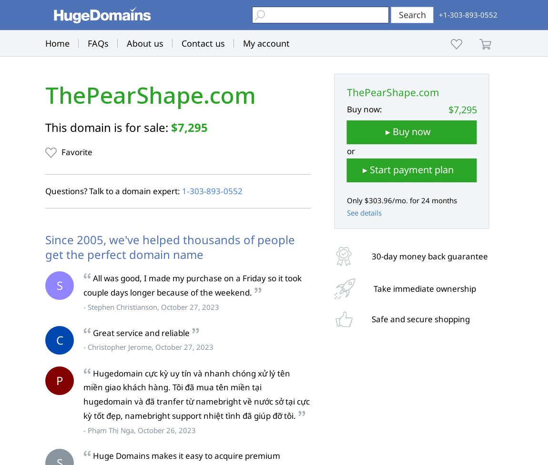 The width and height of the screenshot is (548, 465). Describe the element at coordinates (266, 43) in the screenshot. I see `'My account'` at that location.